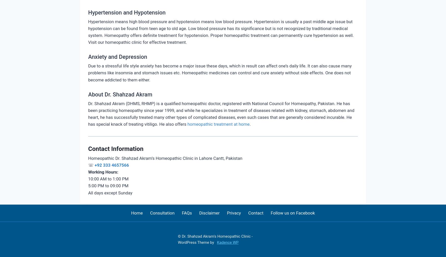 This screenshot has width=446, height=257. What do you see at coordinates (88, 114) in the screenshot?
I see `'Dr. Shahzad Akram (DHMS, RHMP) is a qualified homeopathic doctor, registered with National Council for Homeopathy, Pakistan. He has been practicing homeopathy since year 1999, and while he specializes in treatment of diseases related with kidney, stomach, abdomen and heart, he has successfully treated many other types of complicated diseases, even such cases that are generally considered incurable. He has special knack of treating vitiligo. He also offers'` at bounding box center [88, 114].